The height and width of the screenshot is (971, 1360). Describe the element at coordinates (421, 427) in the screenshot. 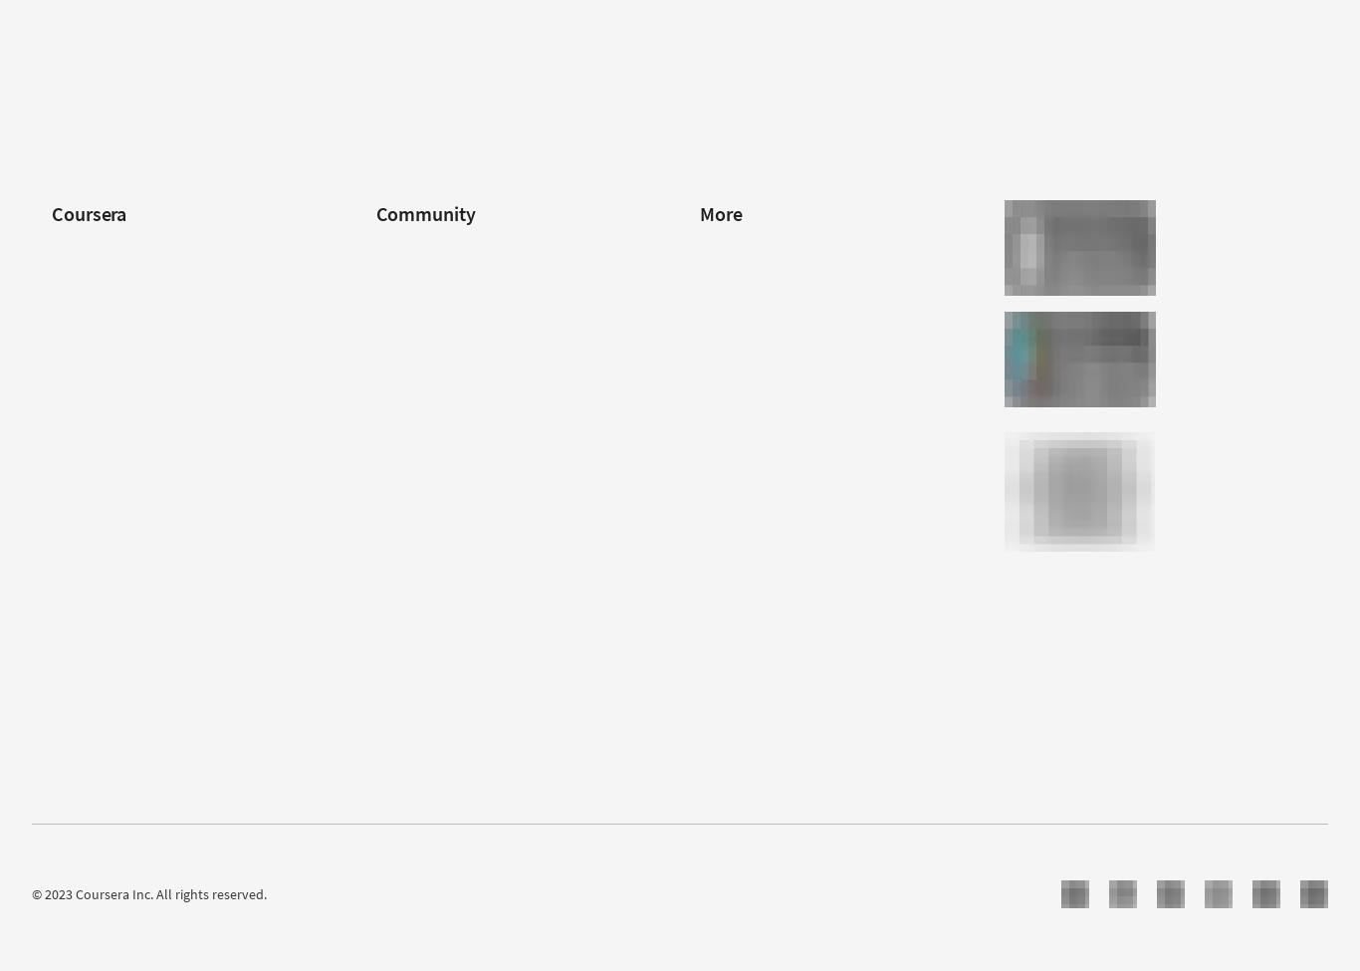

I see `'Teaching Center'` at that location.